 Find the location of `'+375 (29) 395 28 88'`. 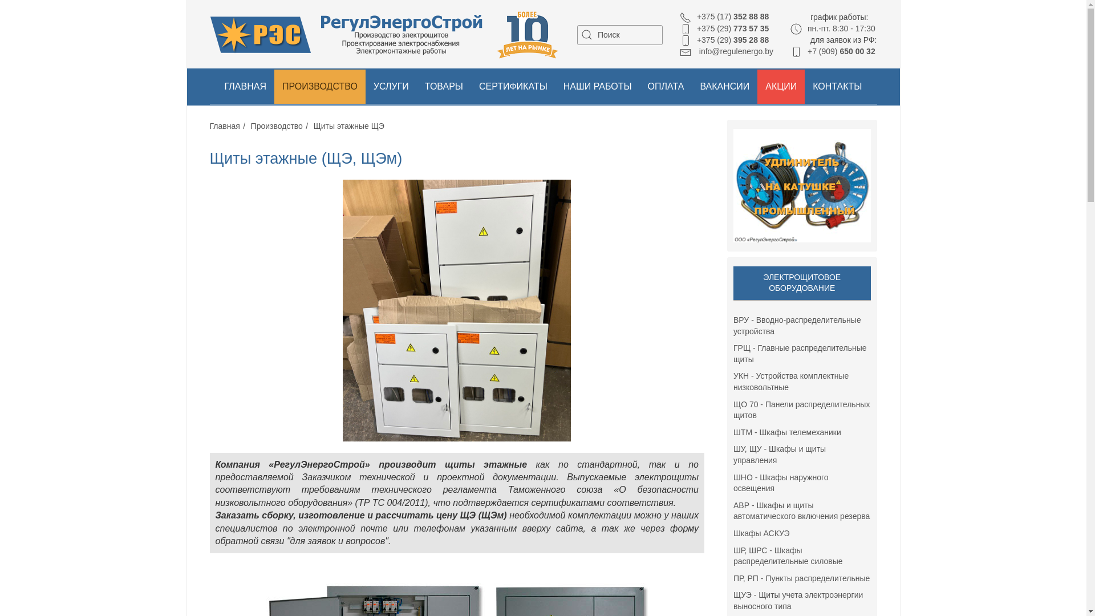

'+375 (29) 395 28 88' is located at coordinates (724, 39).